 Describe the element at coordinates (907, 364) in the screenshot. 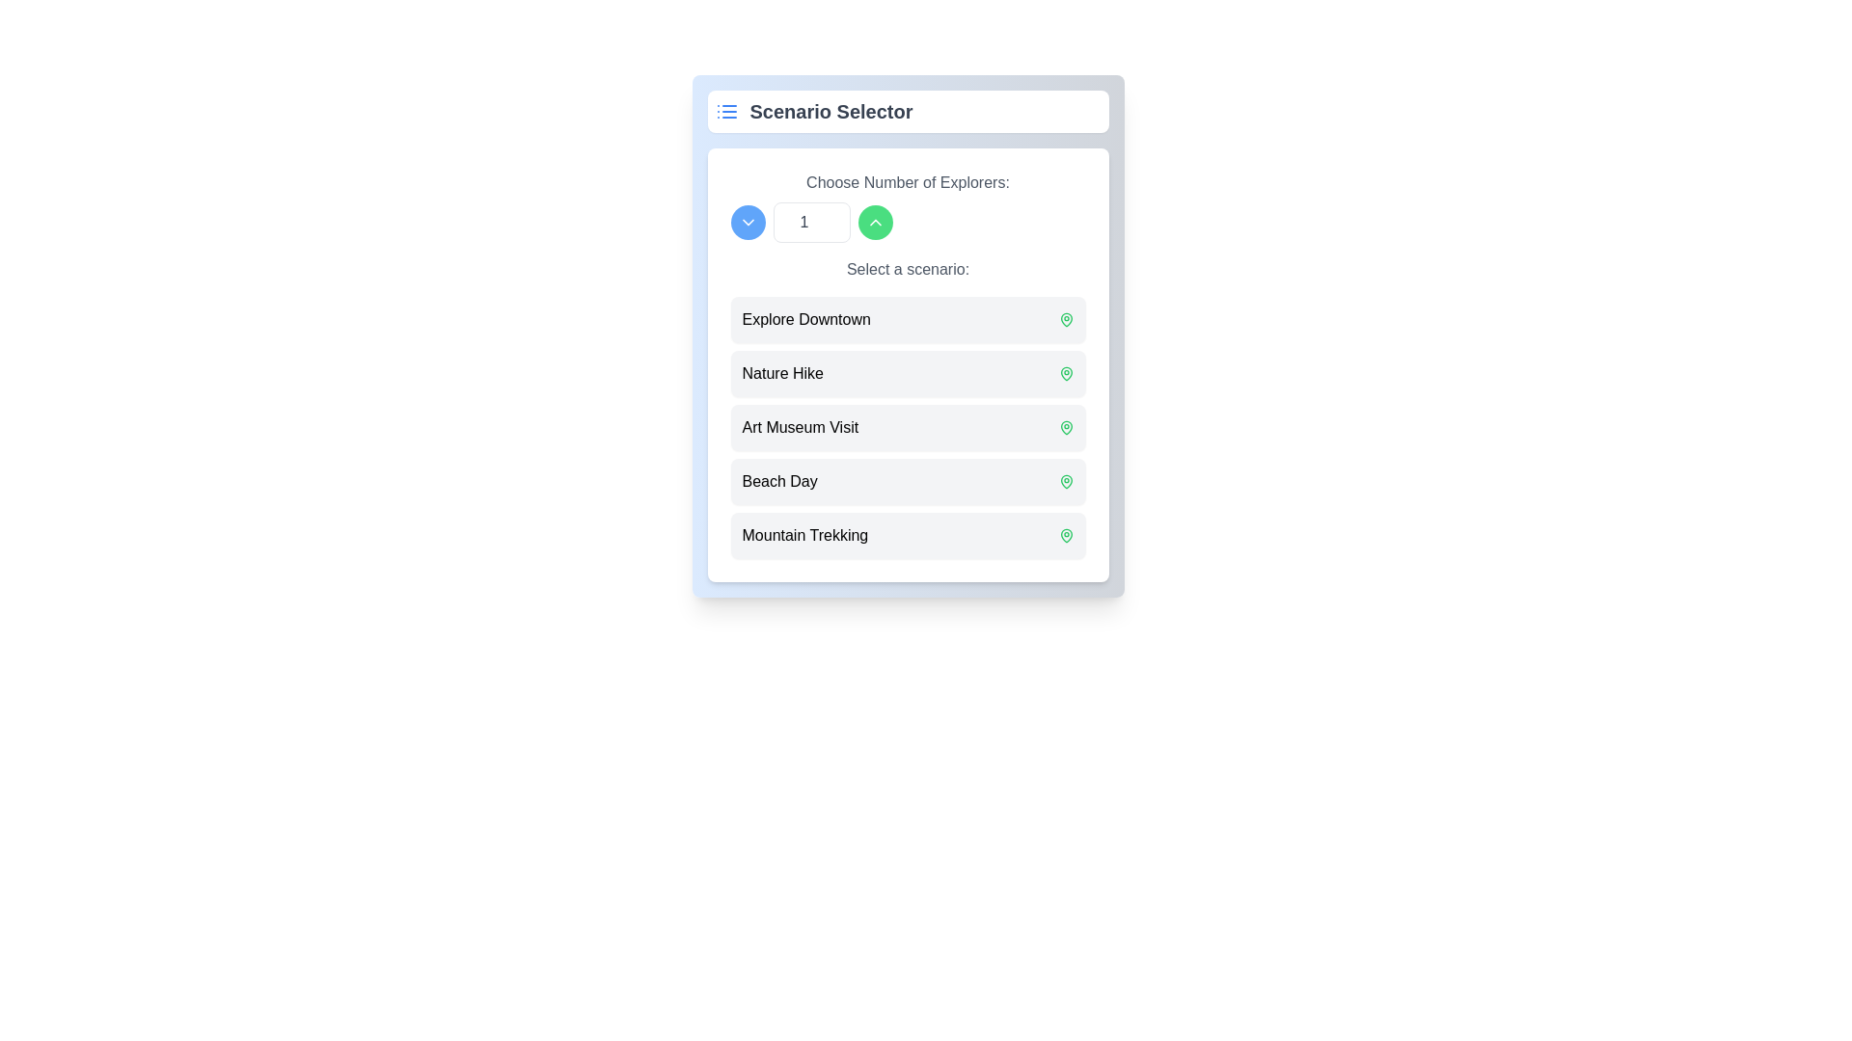

I see `the buttons for input adjustments on the interactive card located within the 'Scenario Selector' component, which features increment and decrement functionality for selecting a number` at that location.